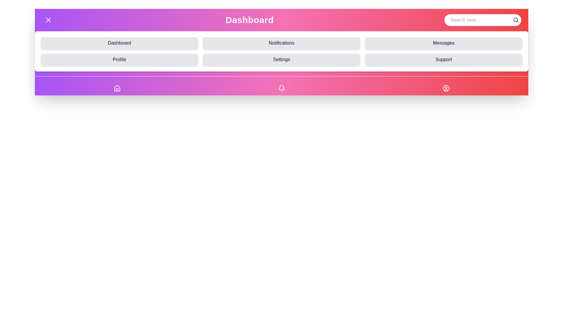 This screenshot has height=319, width=567. What do you see at coordinates (117, 88) in the screenshot?
I see `the footer button corresponding to Home` at bounding box center [117, 88].